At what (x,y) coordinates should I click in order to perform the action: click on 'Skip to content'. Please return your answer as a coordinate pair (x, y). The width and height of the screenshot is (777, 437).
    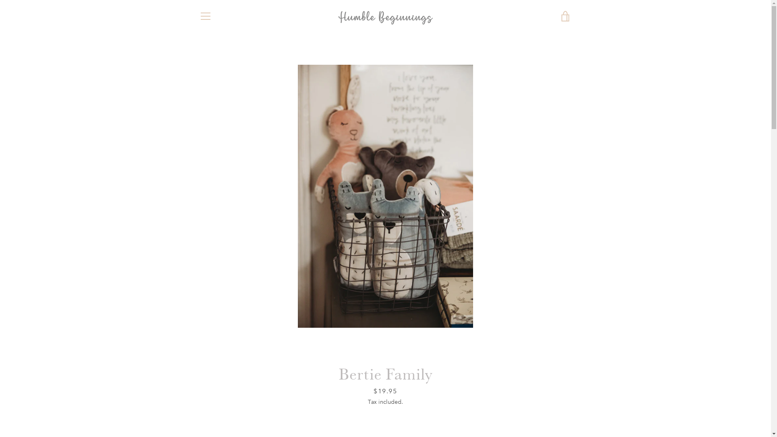
    Looking at the image, I should click on (0, 0).